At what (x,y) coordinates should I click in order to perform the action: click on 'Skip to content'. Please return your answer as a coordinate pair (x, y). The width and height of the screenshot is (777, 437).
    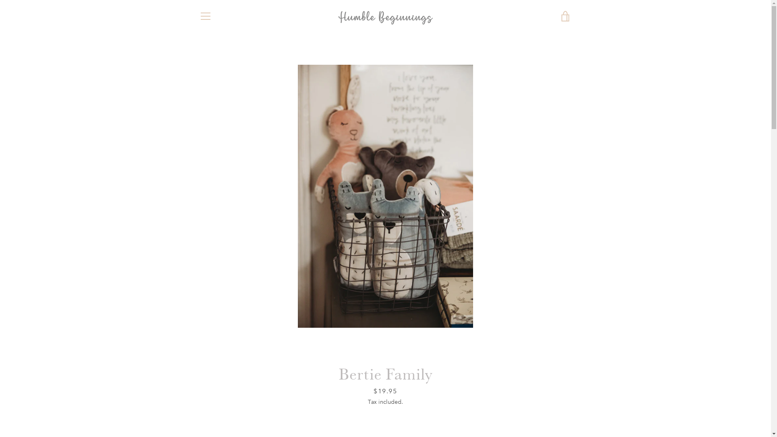
    Looking at the image, I should click on (0, 0).